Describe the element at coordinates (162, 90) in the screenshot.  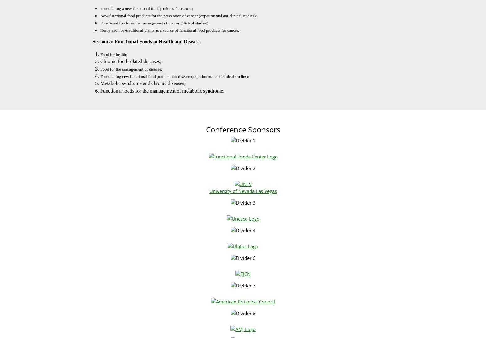
I see `'Functional foods for the management of metabolic syndrome.'` at that location.